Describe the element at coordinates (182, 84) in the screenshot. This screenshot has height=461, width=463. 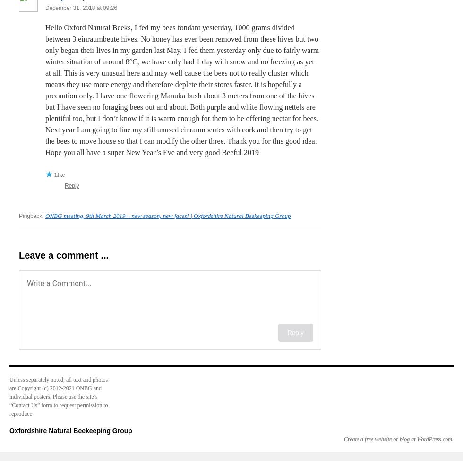
I see `'Hello Oxford Natural Beeks, I fed my bees fondant yesterday, 1000 grams divided between 3 einraumbeute hives. No honey has ever been removed from these hives but two only began their lives in my garden last May. I fed them yesterday only due to fairly warm winter situation of around 8°C, we have only had 1 day with snow and no freezing as yet at all. This is very unusual here and may well cause the bees not to really cluster which means they use more energy and therefore deplete their stores faster. It is hopefully a precaution only. I have one flowering Manuka bush about 3 meters from one of the hives but I have seen no foraging bees out and about. Both purple and white flowing nettels are plentiful too, but I don’t know if it is warm enough for them to be offering nectar for bees. Next year I am going to line my still unused einraumbeutes with cork and then try to get the bees to move house so that I can modify the other three. Thank you for this good idea.'` at that location.